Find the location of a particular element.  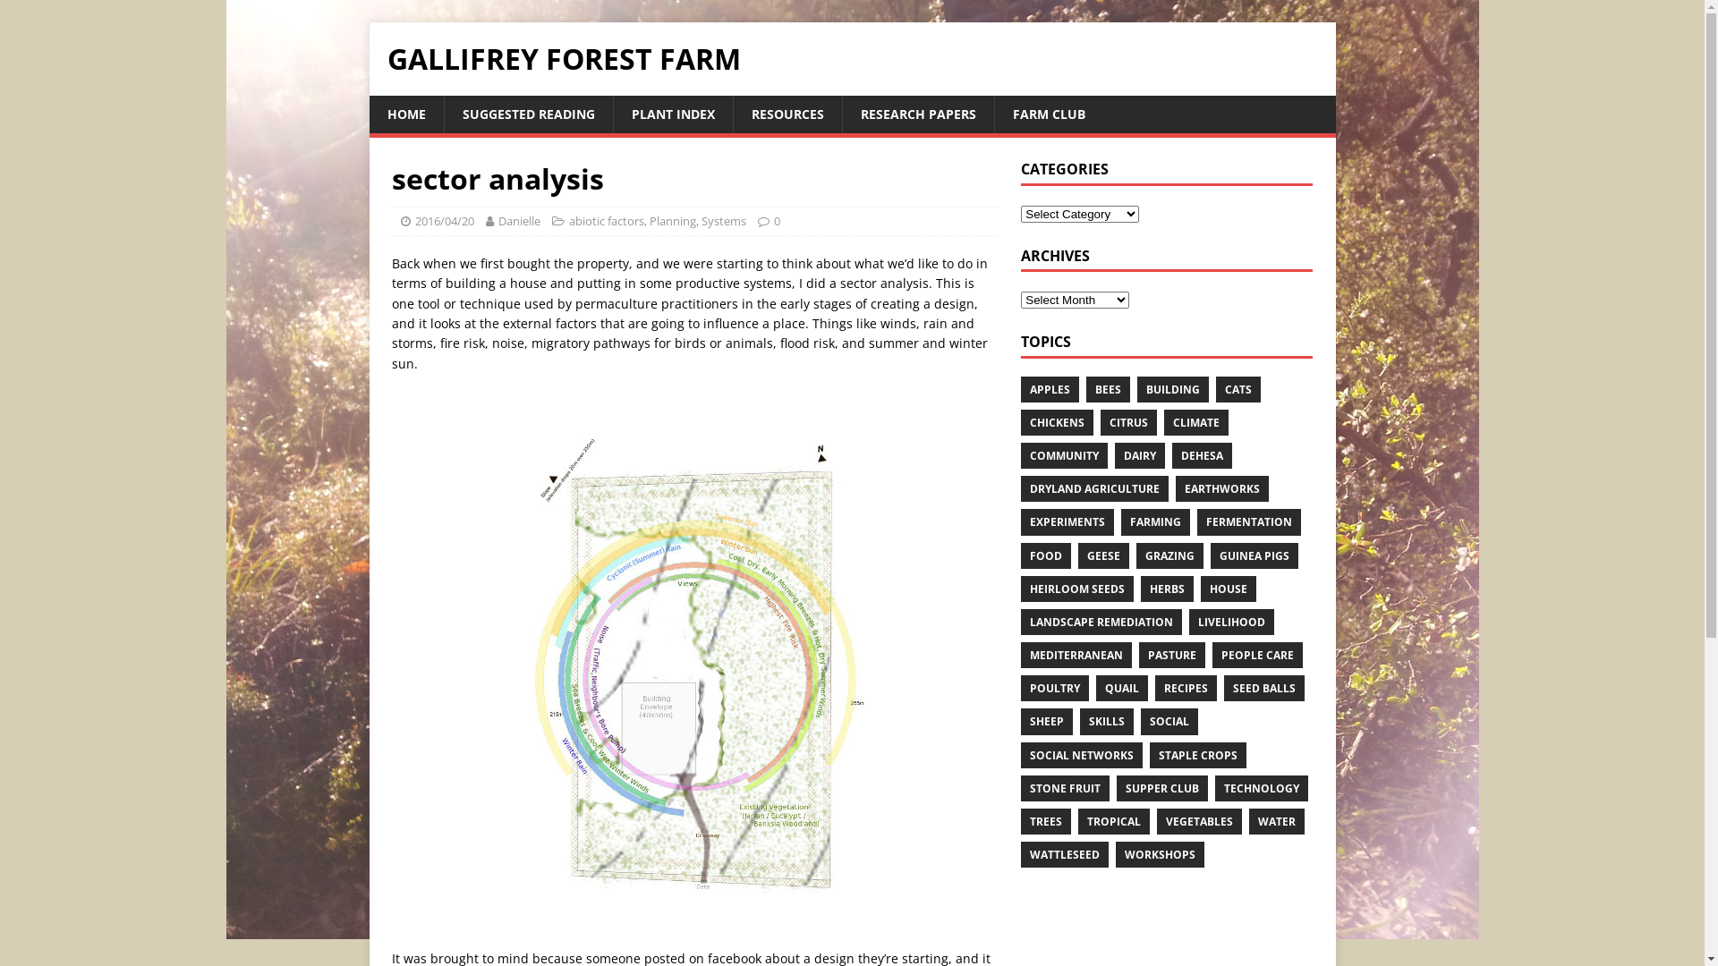

'APPLES' is located at coordinates (1021, 388).